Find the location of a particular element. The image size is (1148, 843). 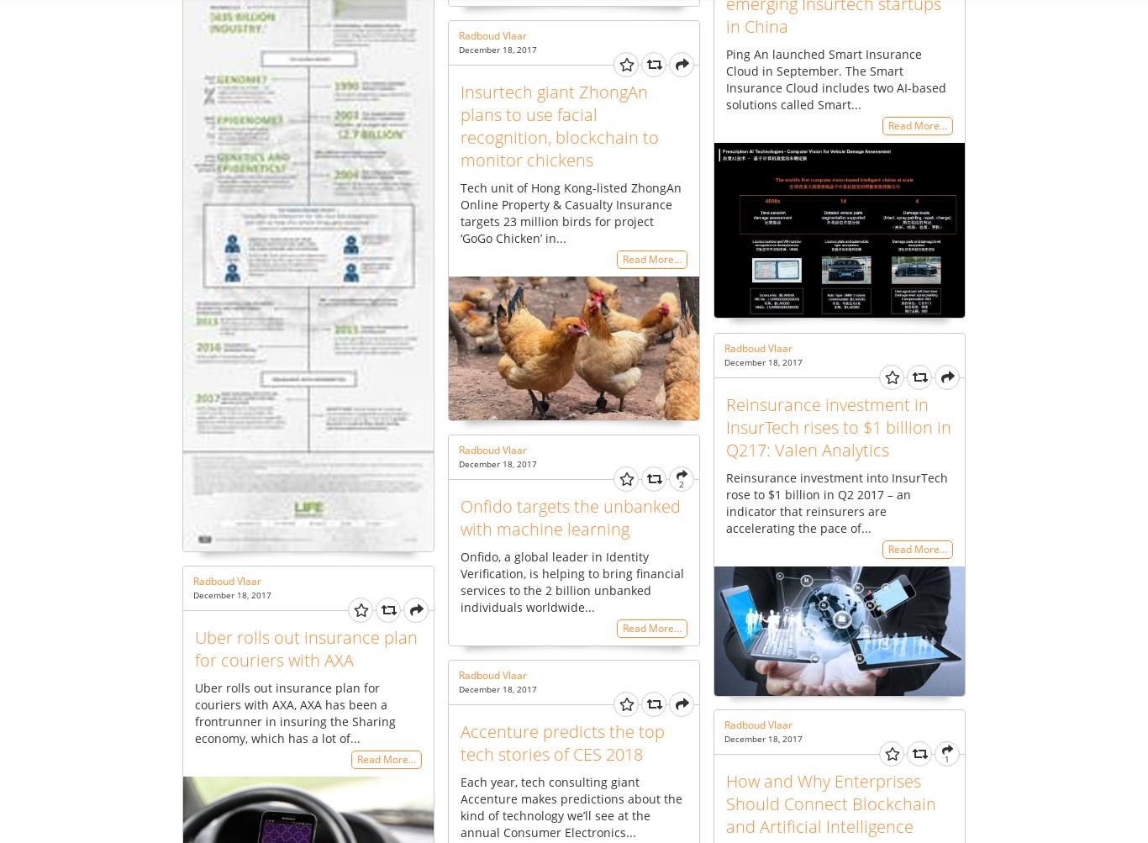

'Uber rolls out insurance plan for couriers with AXA' is located at coordinates (194, 647).